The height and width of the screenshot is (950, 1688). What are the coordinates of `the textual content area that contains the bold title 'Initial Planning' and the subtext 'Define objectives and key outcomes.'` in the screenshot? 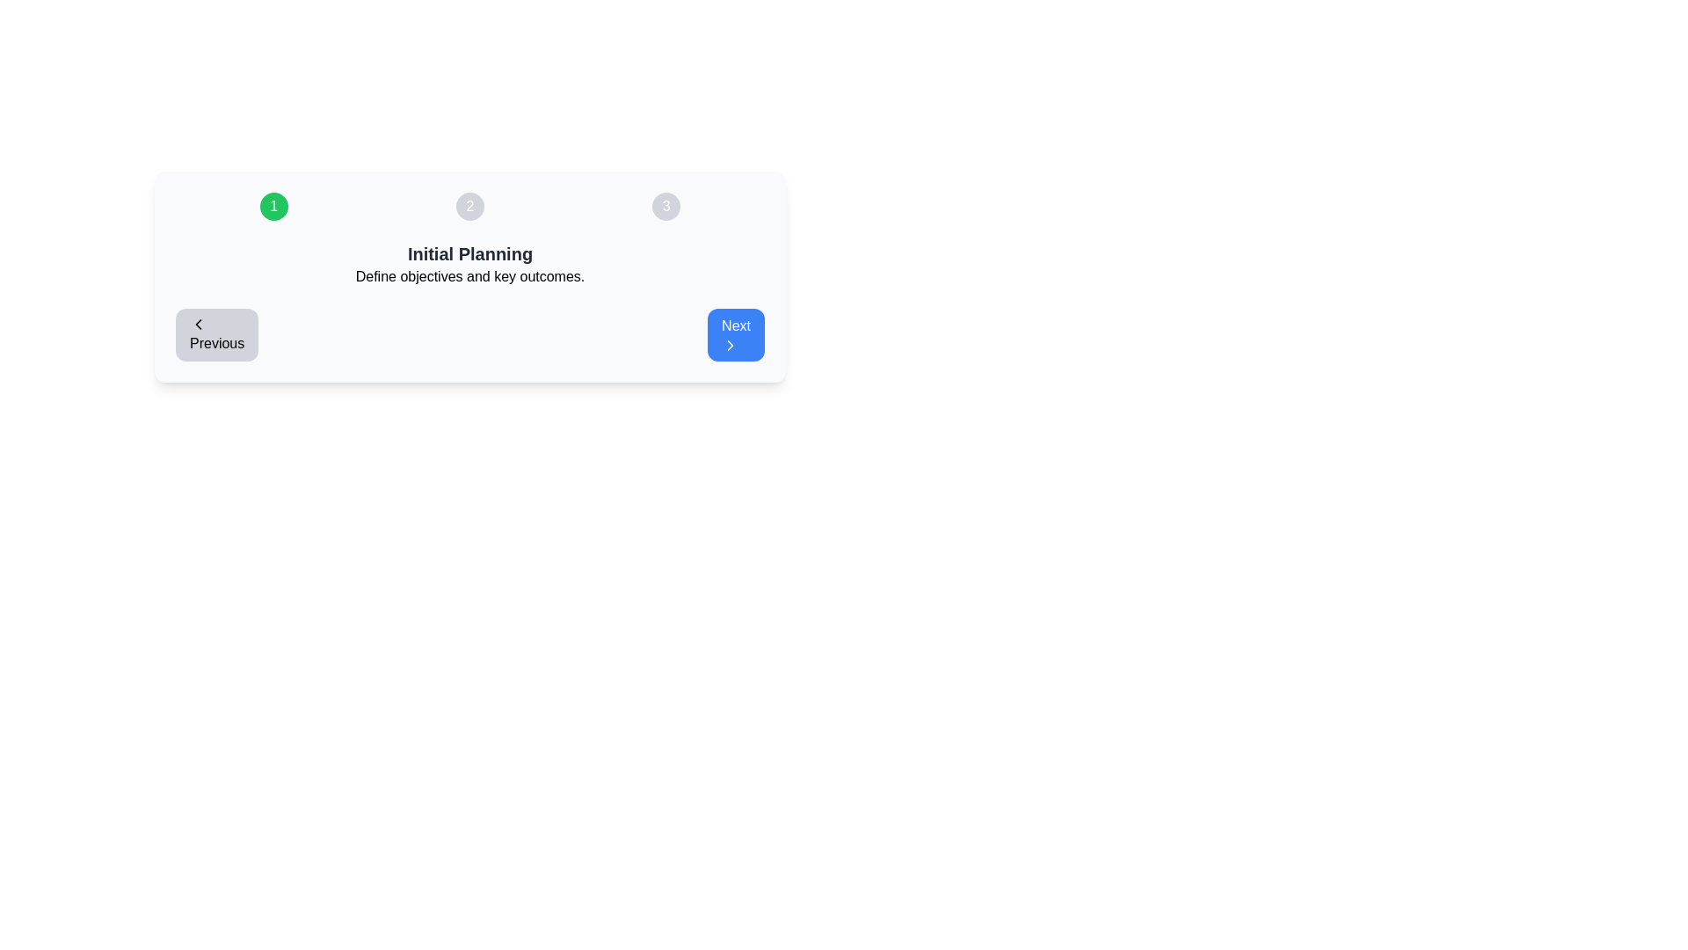 It's located at (469, 264).